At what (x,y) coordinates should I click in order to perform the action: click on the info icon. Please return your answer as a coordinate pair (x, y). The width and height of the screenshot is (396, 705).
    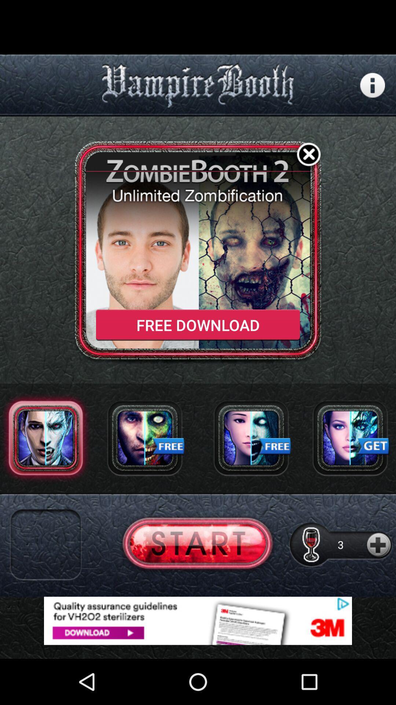
    Looking at the image, I should click on (373, 91).